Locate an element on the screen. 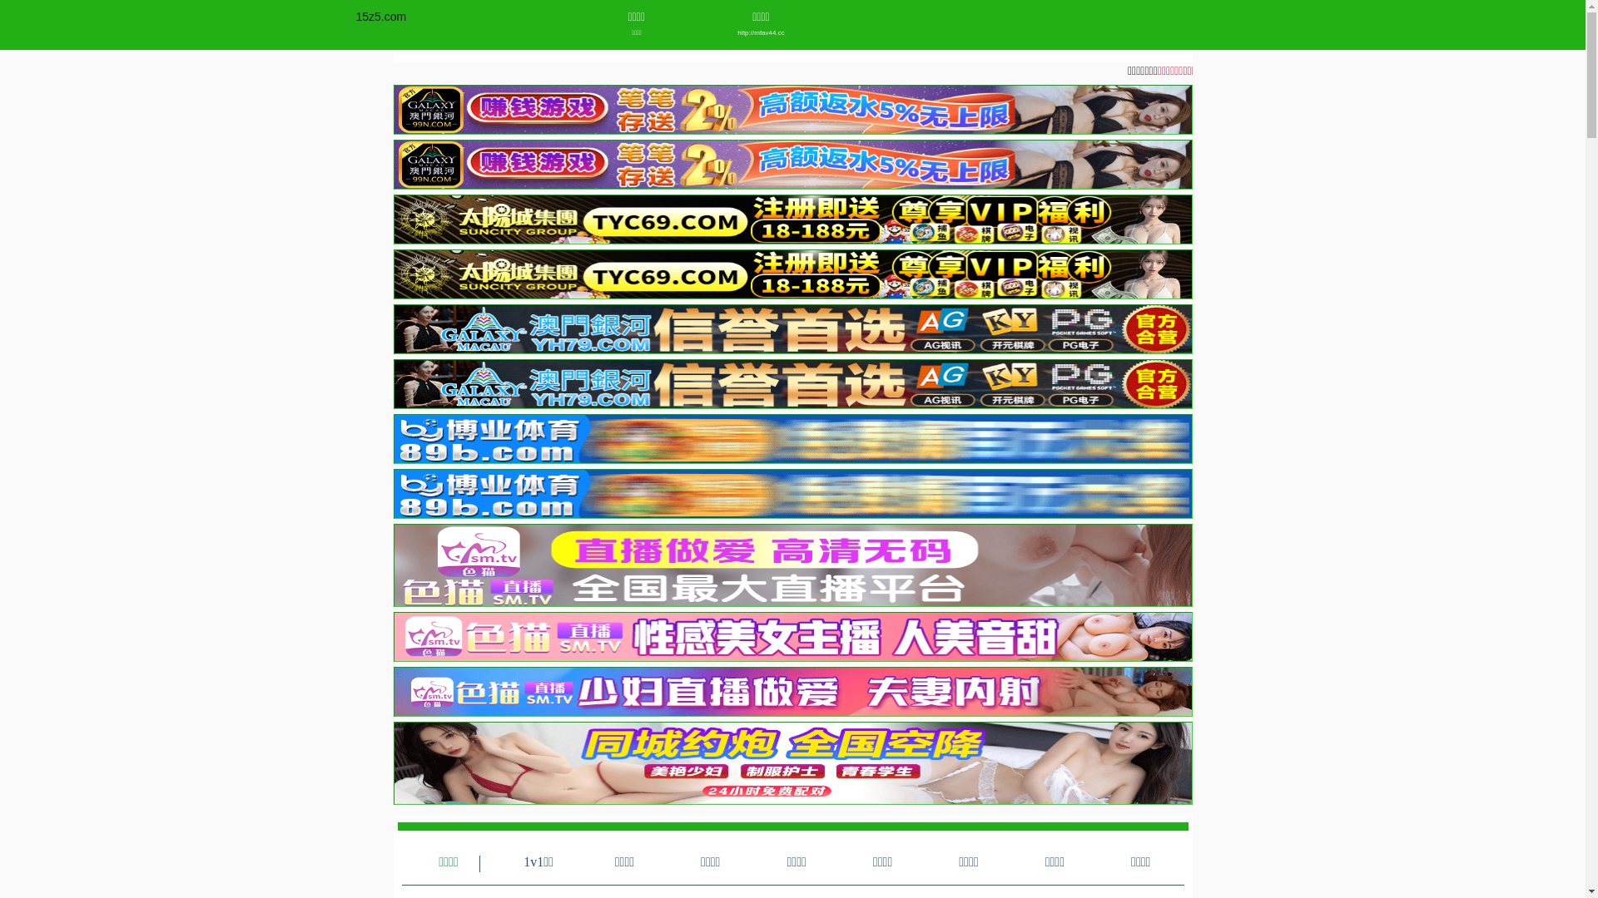 The width and height of the screenshot is (1598, 898). '15z5.com' is located at coordinates (380, 16).